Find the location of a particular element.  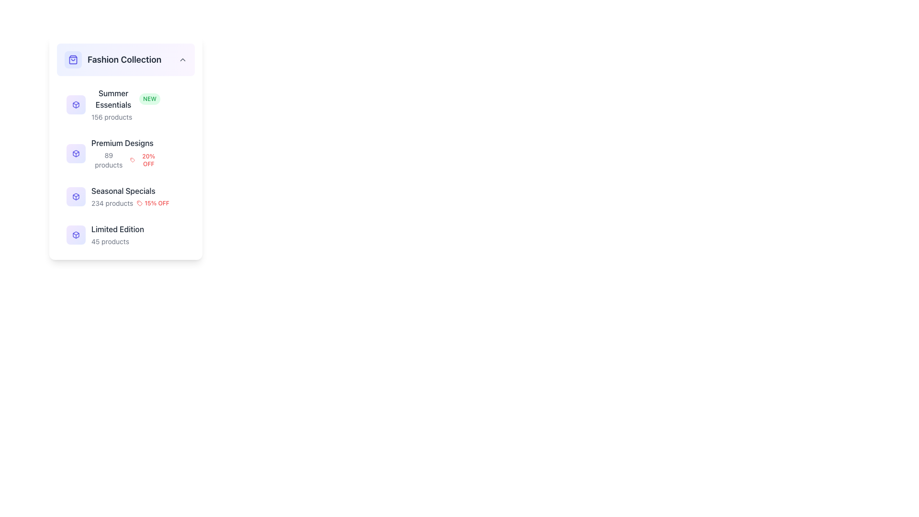

the 'Fashion Collection' label, which is the first item in the list and features a shopping bag icon with a rounded background is located at coordinates (113, 59).